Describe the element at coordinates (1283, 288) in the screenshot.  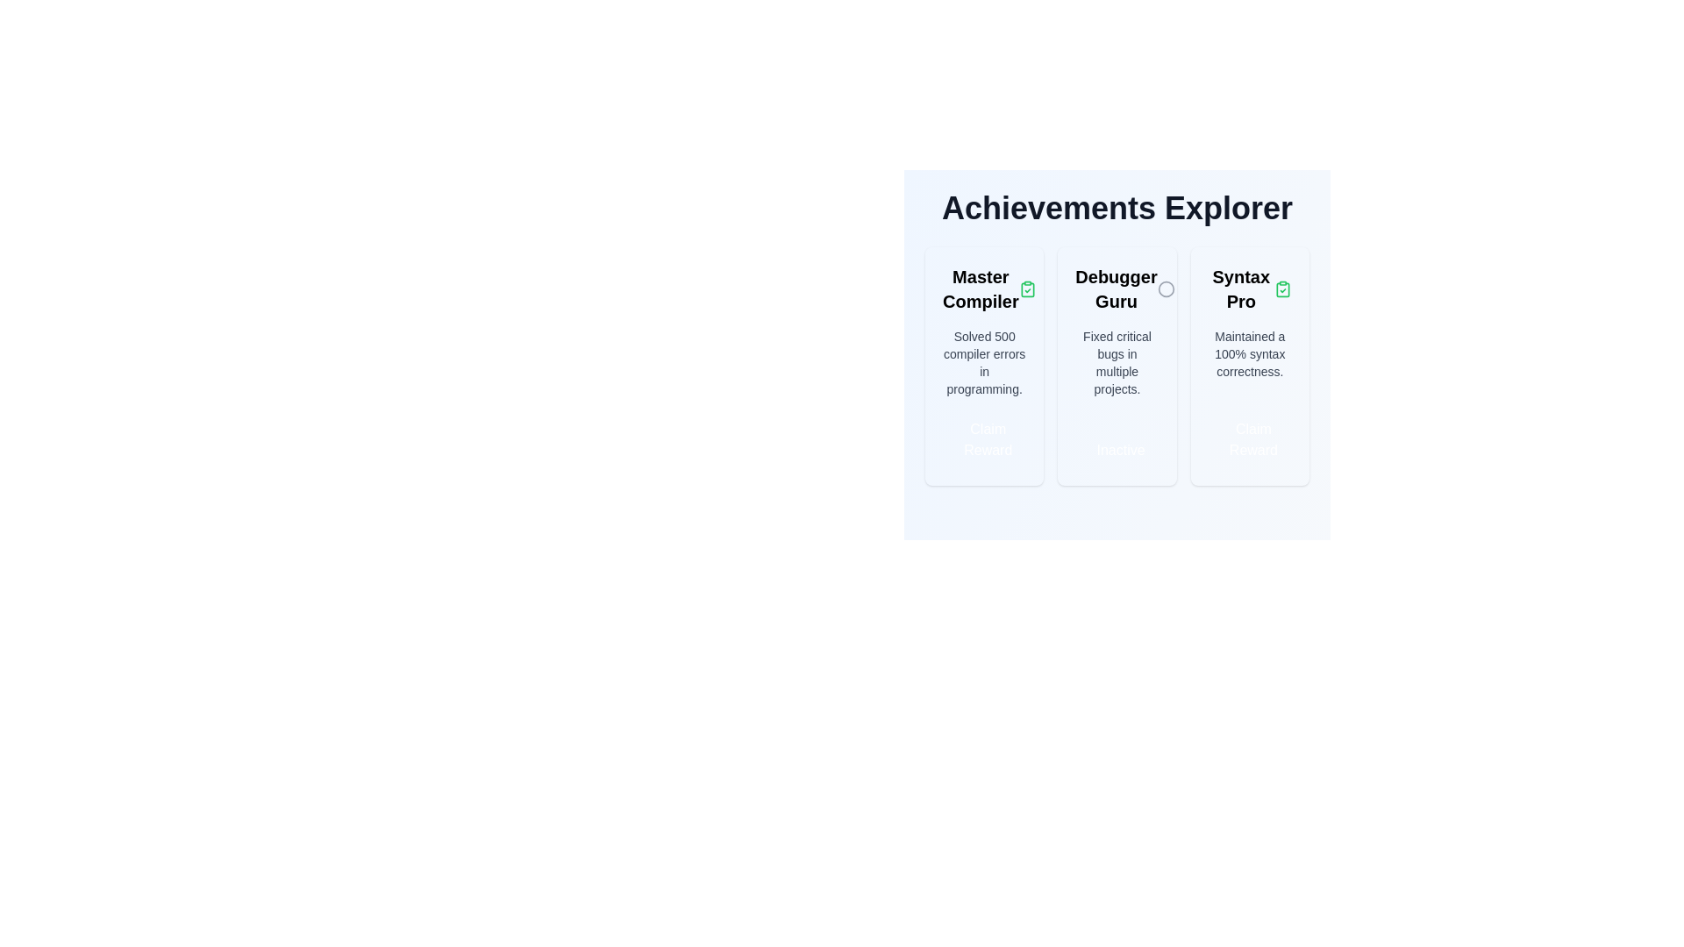
I see `the achievement status icon located in the upper-right corner of the 'Syntax Pro' achievement card, which indicates that the 'Syntax Pro' task has been completed` at that location.